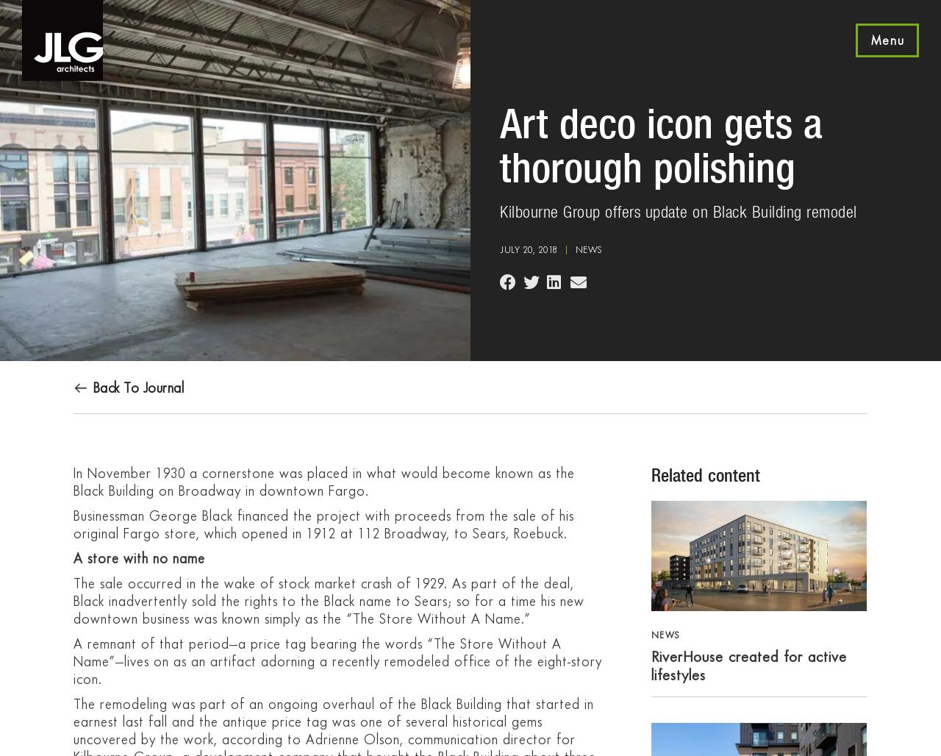  Describe the element at coordinates (323, 482) in the screenshot. I see `'In November 1930 a cornerstone was placed in what would become known as the Black Building on Broadway in downtown Fargo.'` at that location.